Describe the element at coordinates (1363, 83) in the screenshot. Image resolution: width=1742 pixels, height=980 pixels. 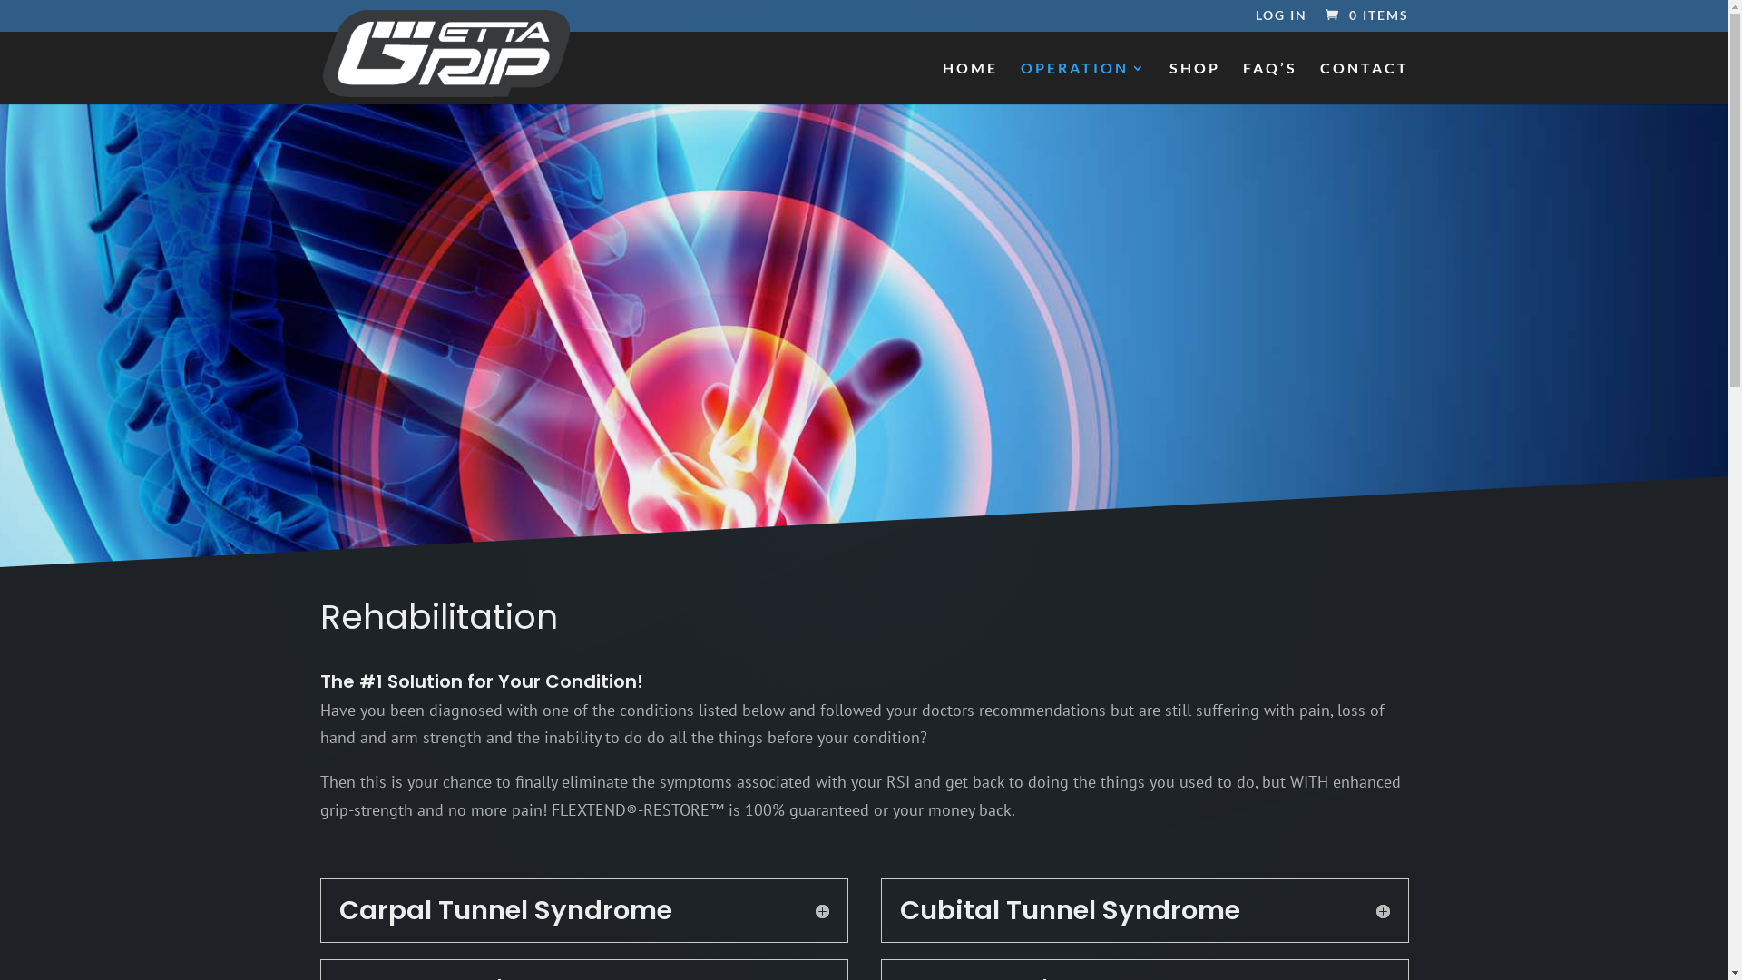
I see `'CONTACT'` at that location.